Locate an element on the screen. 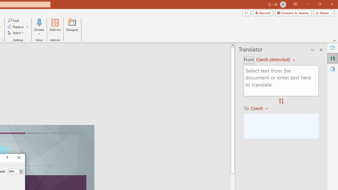 The height and width of the screenshot is (190, 338). 'Percent' is located at coordinates (16, 172).